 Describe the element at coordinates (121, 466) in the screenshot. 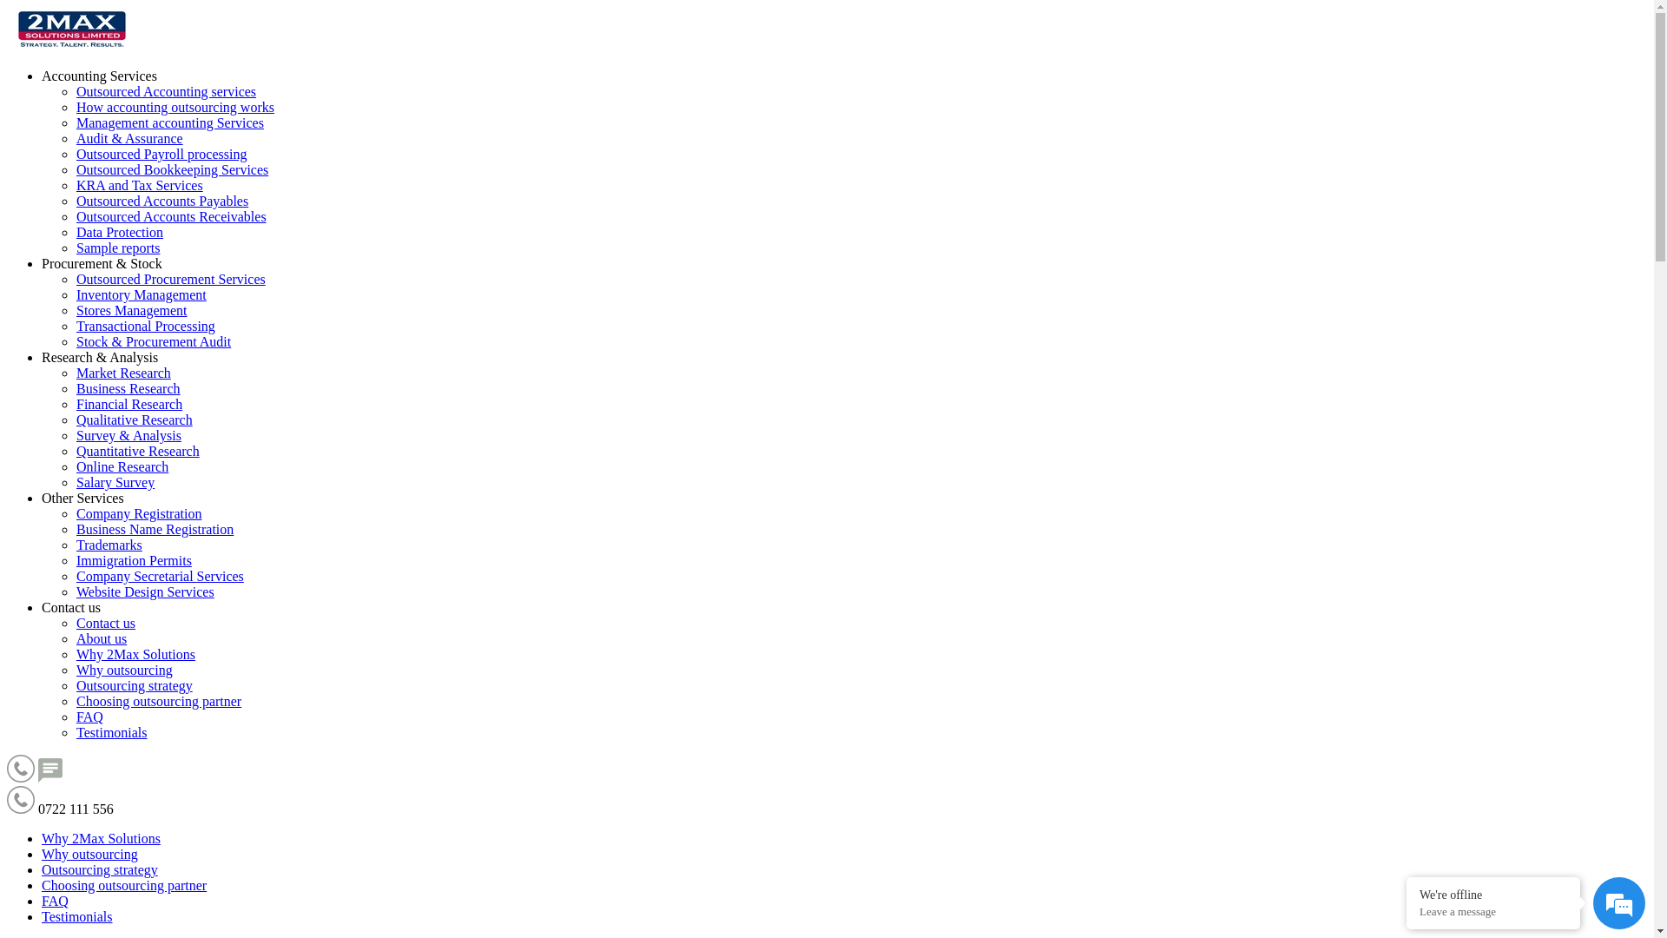

I see `'Online Research'` at that location.